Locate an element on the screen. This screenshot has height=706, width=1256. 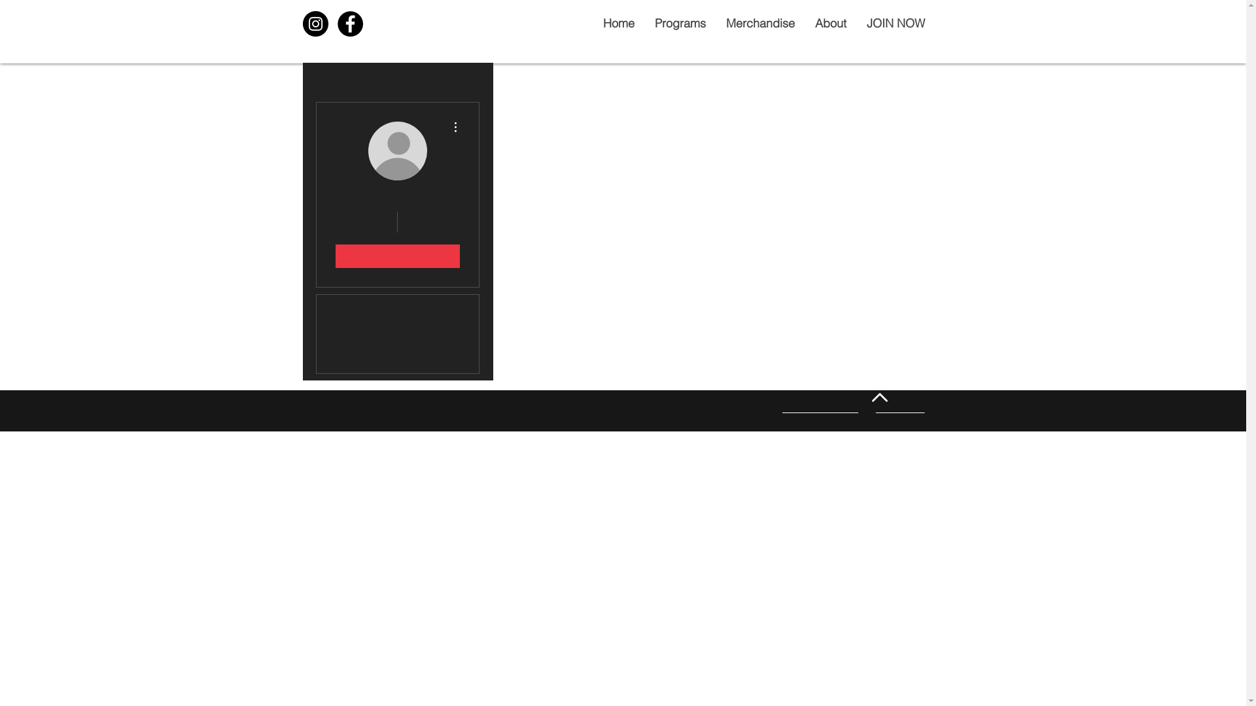
'Terms and Conditions' is located at coordinates (819, 408).